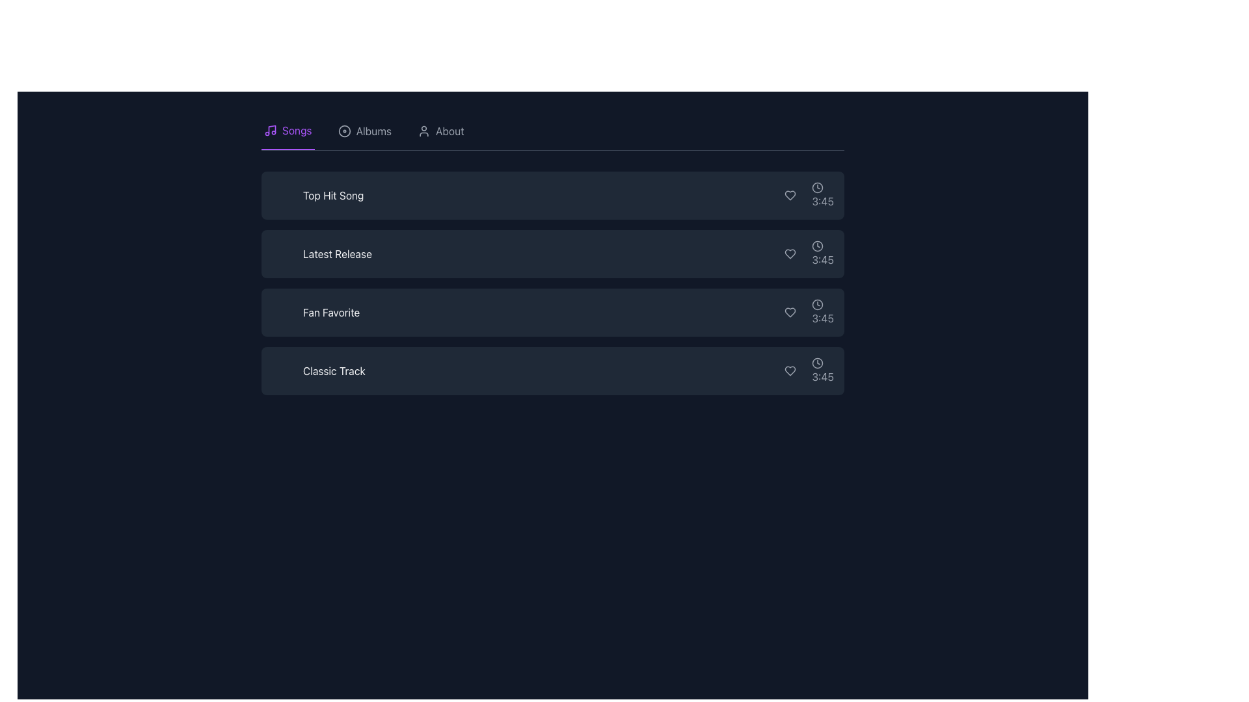 This screenshot has height=702, width=1249. Describe the element at coordinates (809, 313) in the screenshot. I see `the text label displaying the time '3:45' adjacent to the clock icon in the 'Fan Favorite' row` at that location.